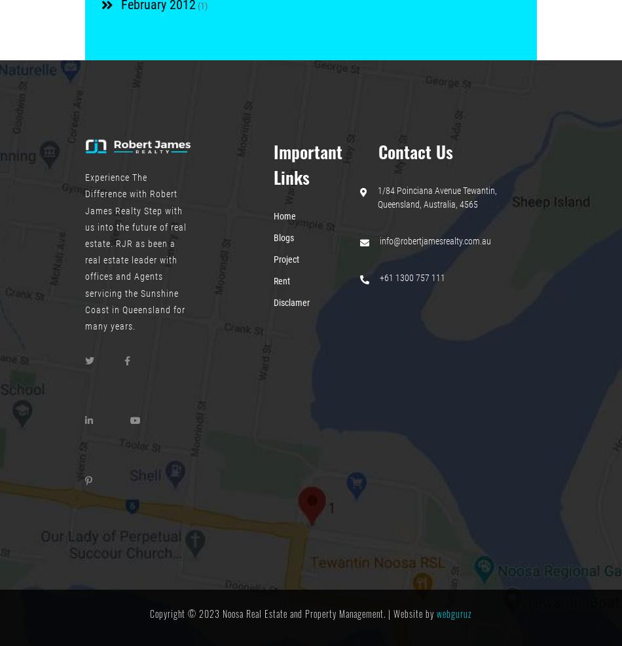  What do you see at coordinates (435, 239) in the screenshot?
I see `'info@robertjamesrealty.com.au'` at bounding box center [435, 239].